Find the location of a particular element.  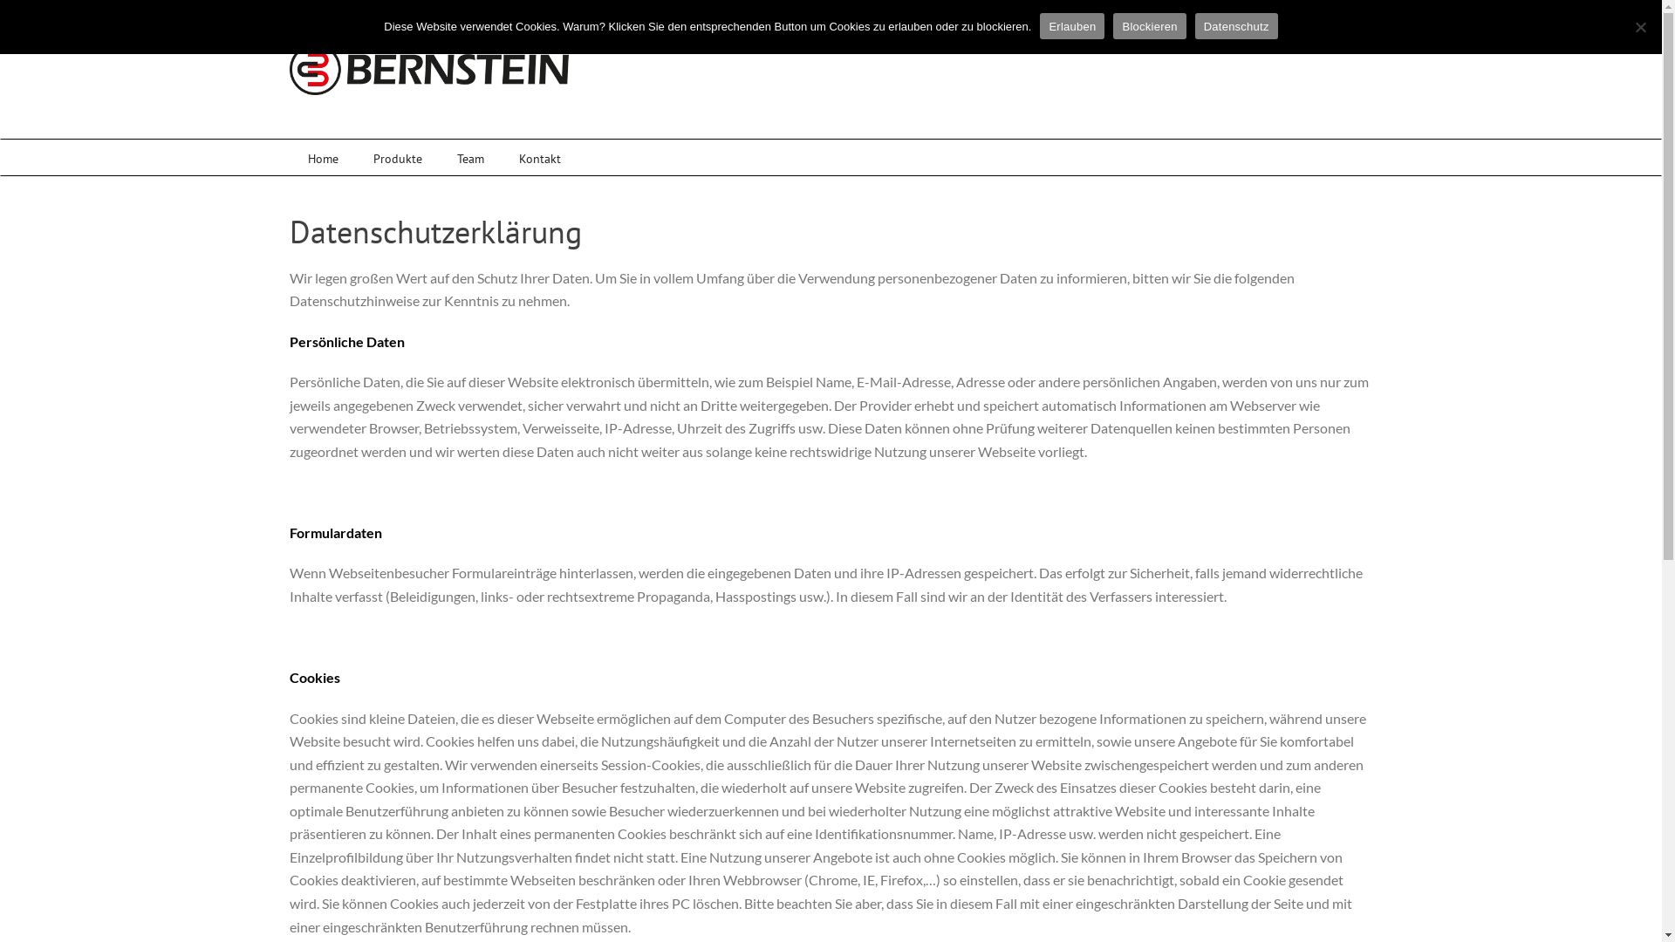

'Team' is located at coordinates (470, 158).